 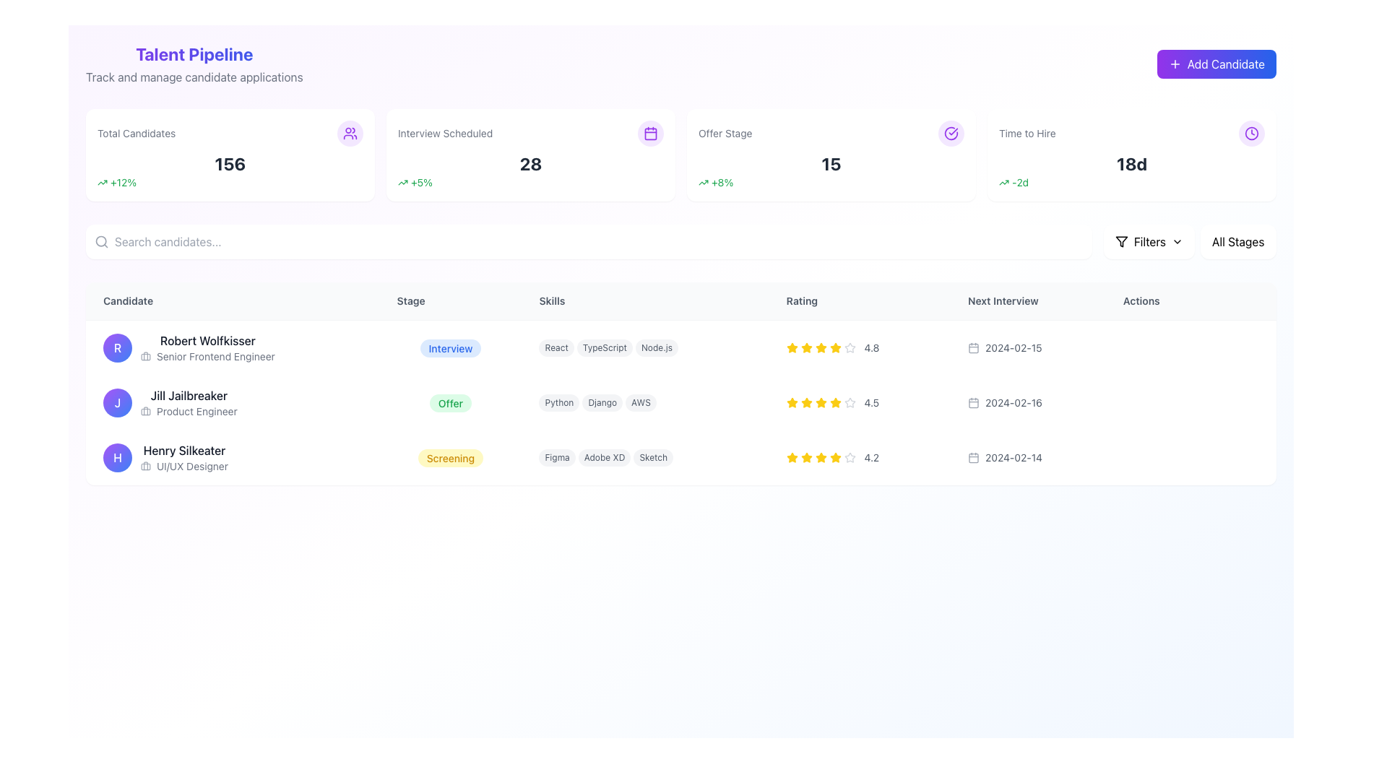 What do you see at coordinates (951, 134) in the screenshot?
I see `the purple circular icon with a checkmark that is located on the right side of the 'Offer Stage' section, next to the numeric indicator` at bounding box center [951, 134].